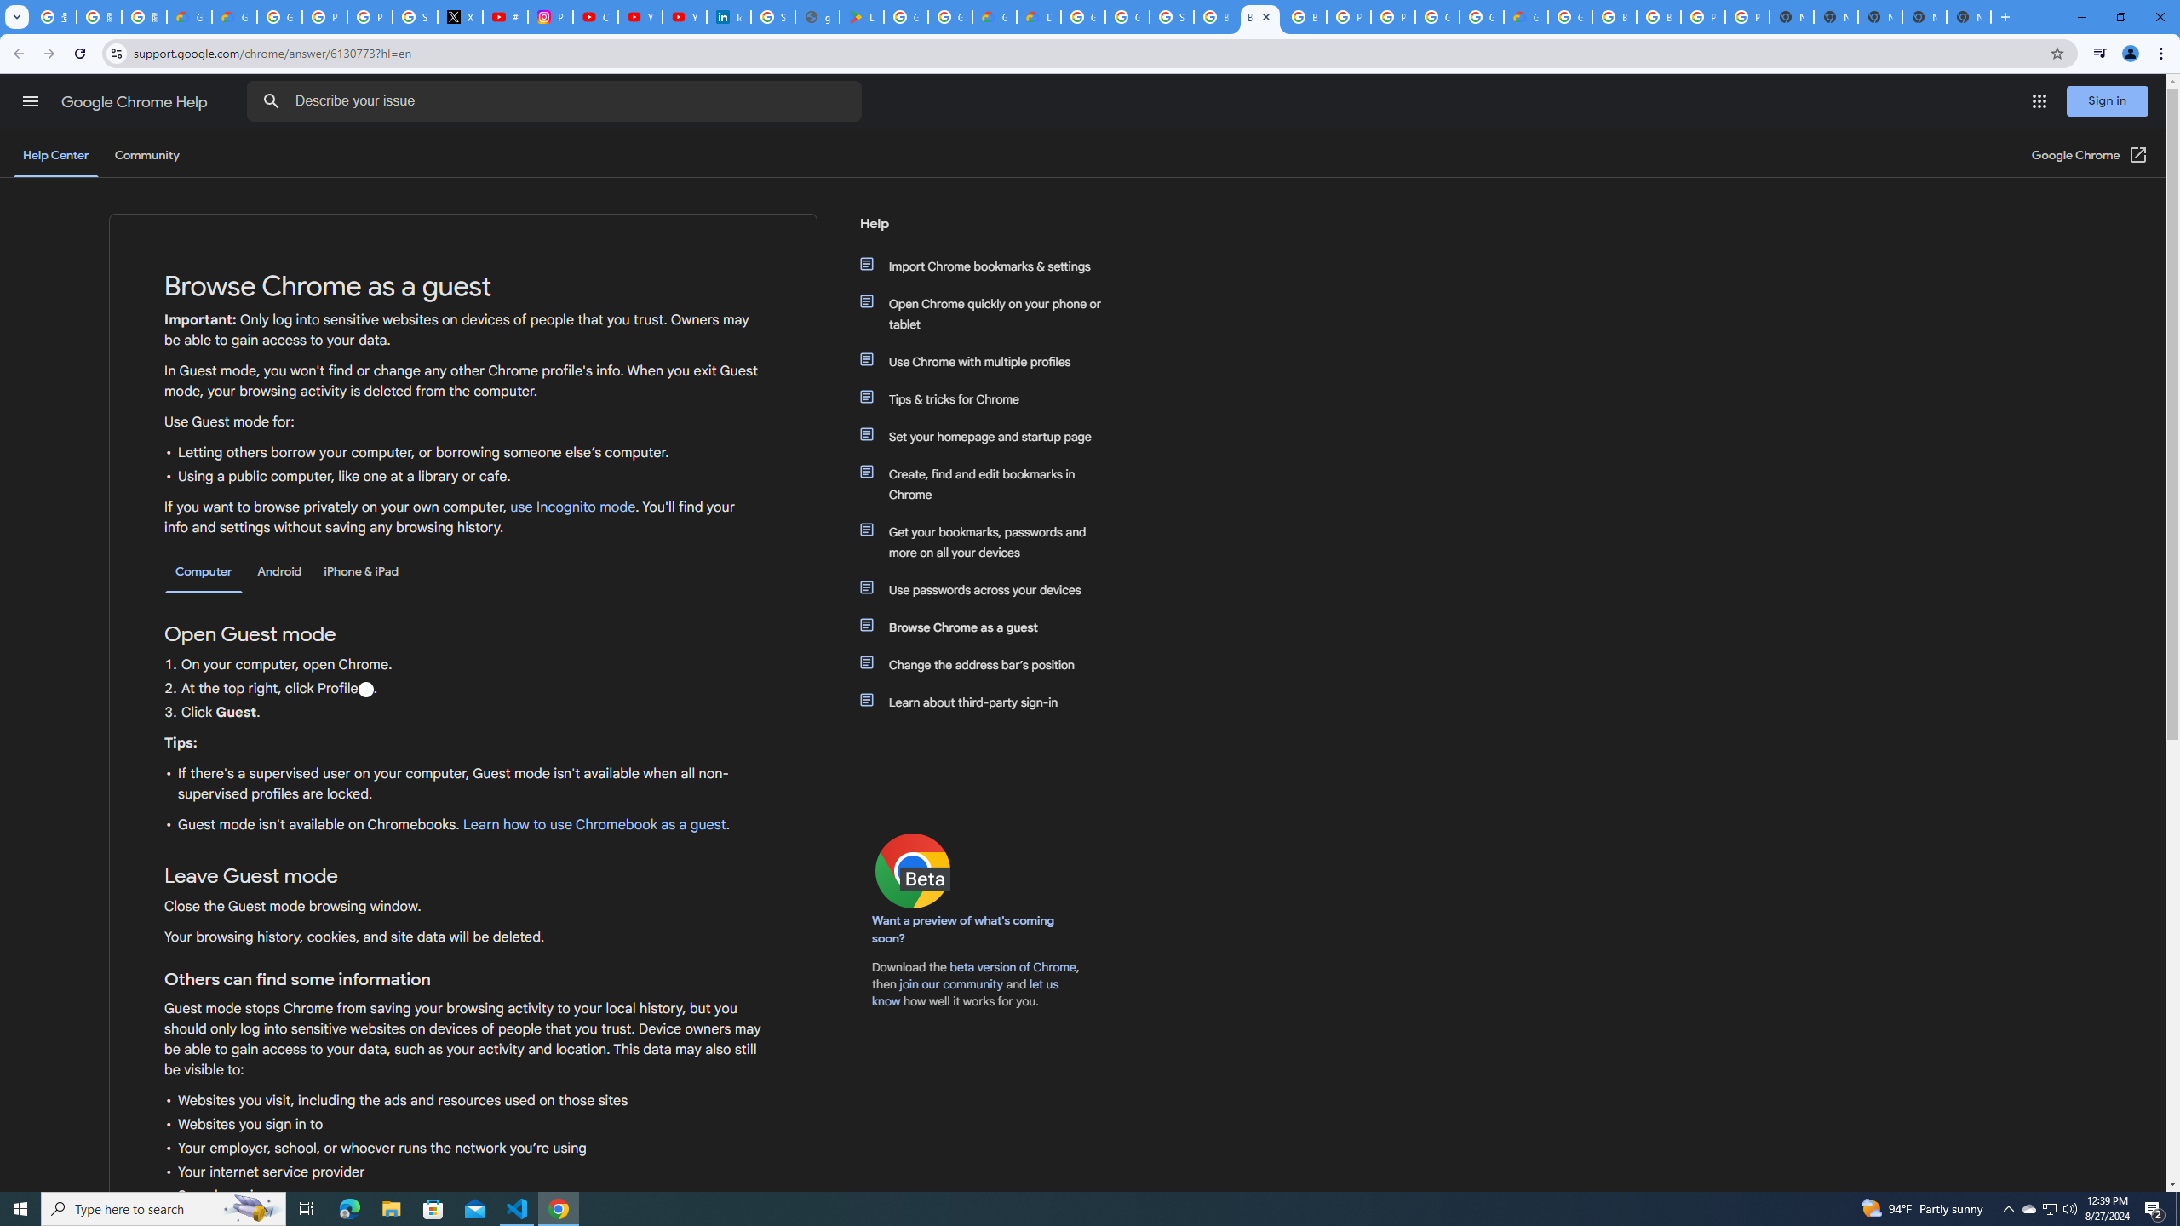 Image resolution: width=2180 pixels, height=1226 pixels. Describe the element at coordinates (950, 984) in the screenshot. I see `'join our community'` at that location.